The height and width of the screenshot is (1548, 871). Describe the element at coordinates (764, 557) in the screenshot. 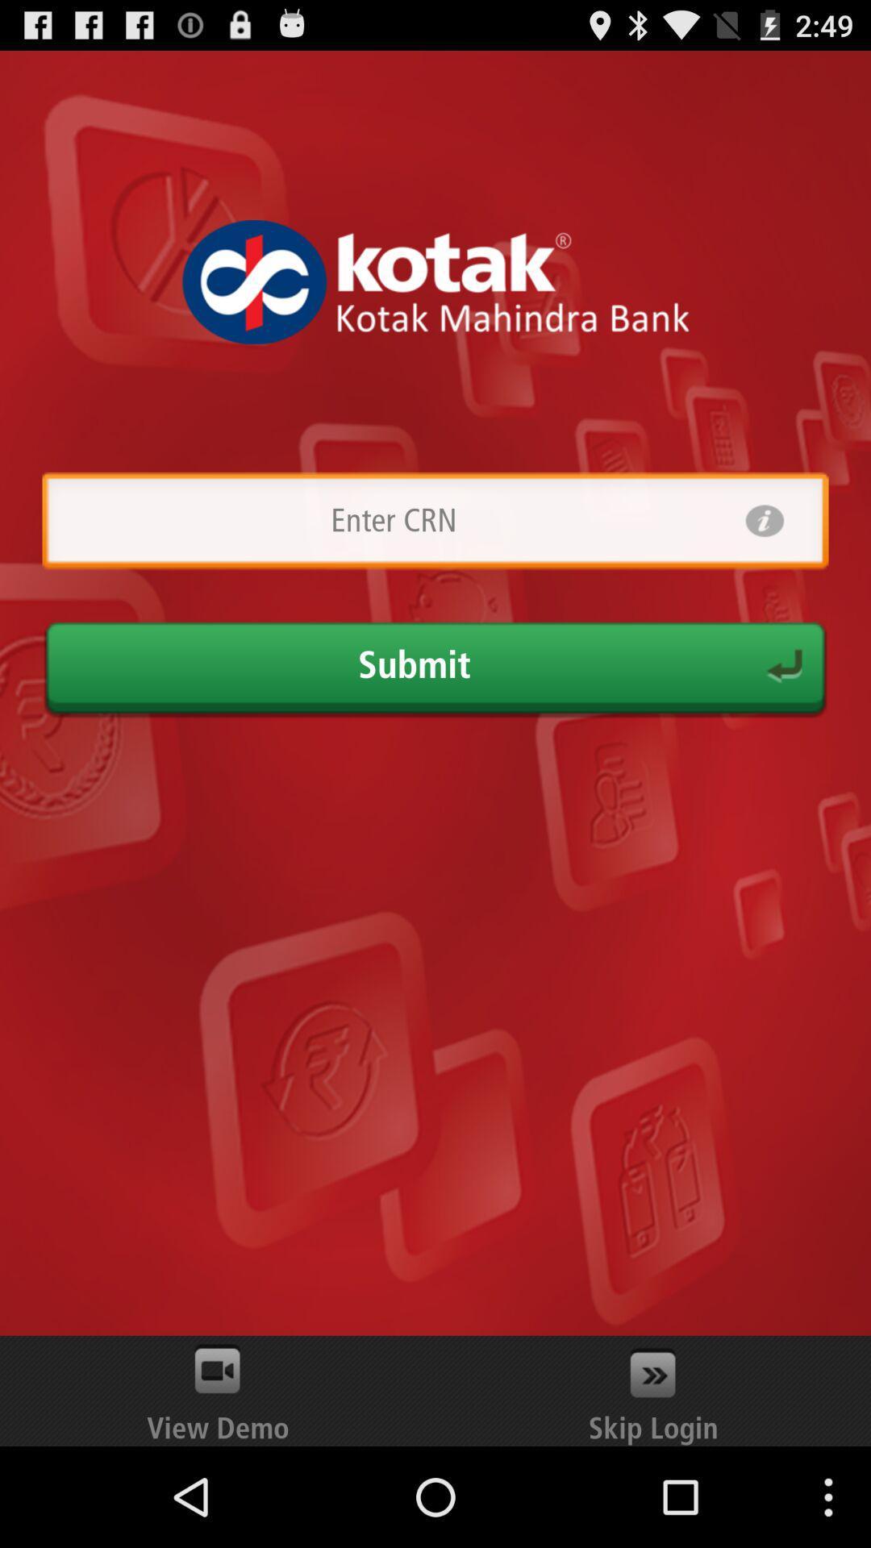

I see `the info icon` at that location.